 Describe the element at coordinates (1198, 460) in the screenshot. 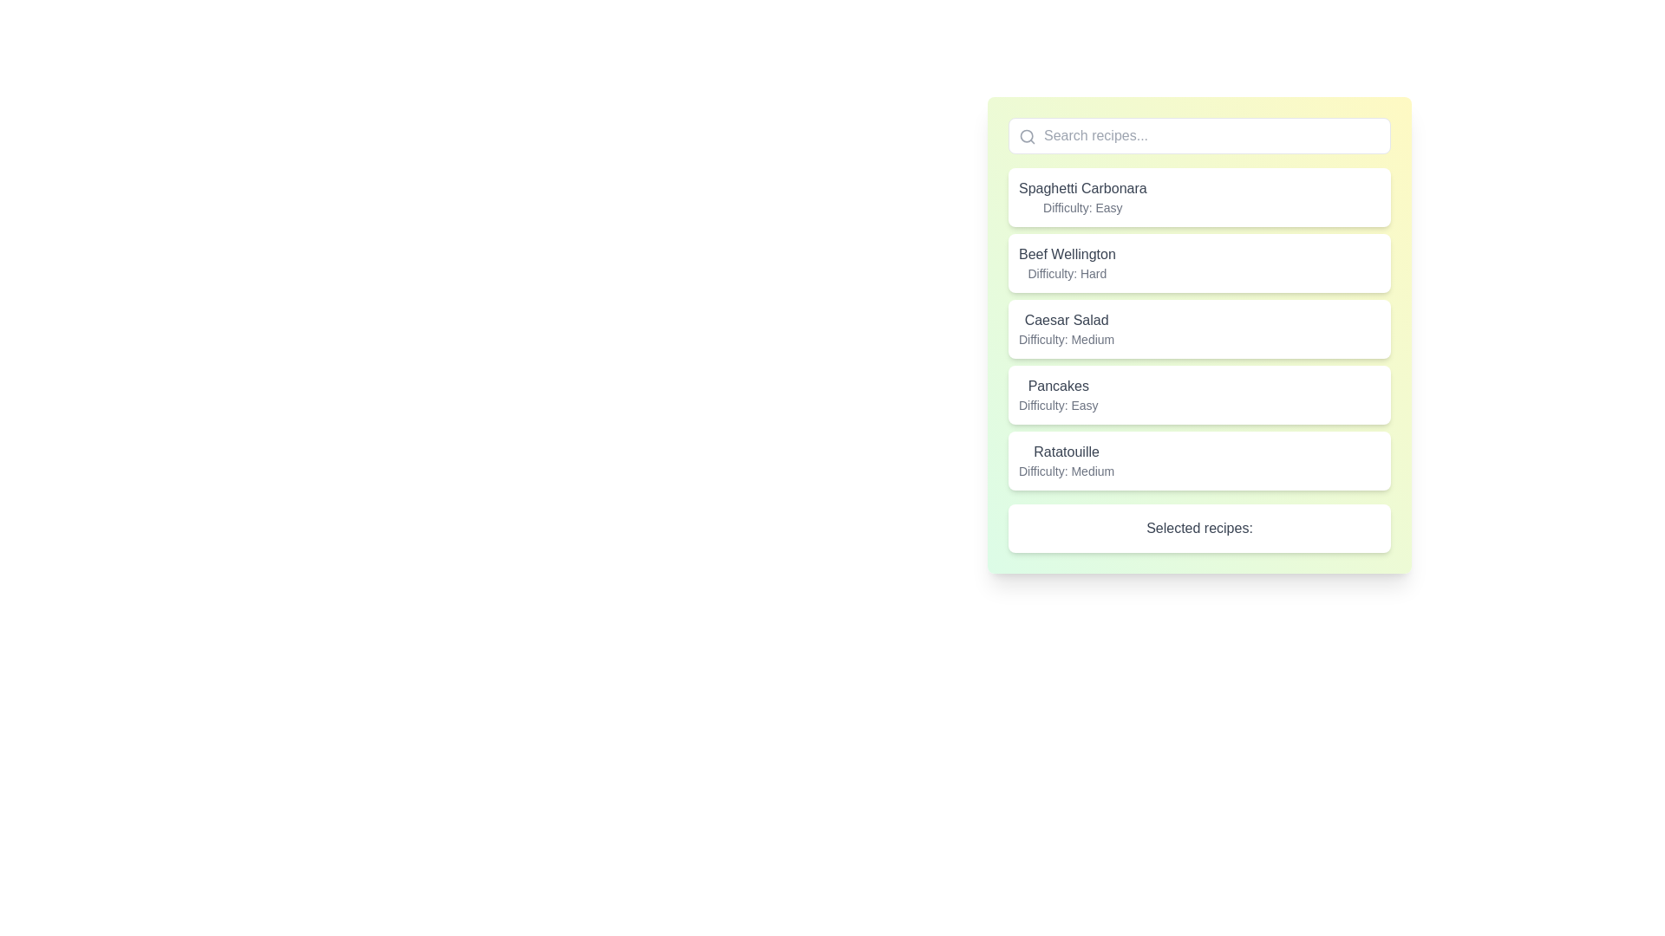

I see `the selectable list item card displaying the recipe name 'Ratatouille' and its difficulty level, which is the fifth card in the recipe selection interface` at that location.